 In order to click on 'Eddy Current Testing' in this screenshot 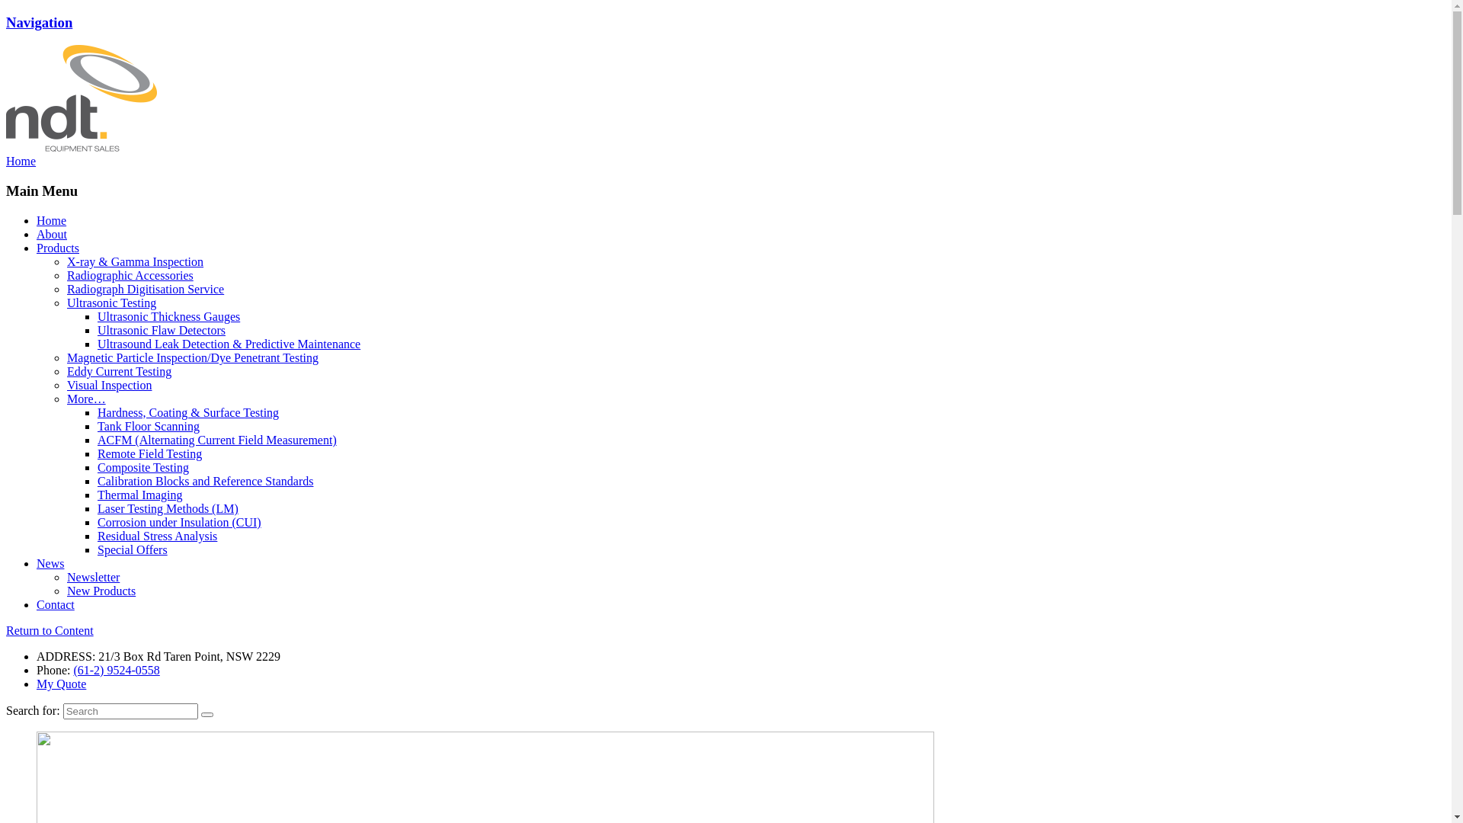, I will do `click(118, 371)`.